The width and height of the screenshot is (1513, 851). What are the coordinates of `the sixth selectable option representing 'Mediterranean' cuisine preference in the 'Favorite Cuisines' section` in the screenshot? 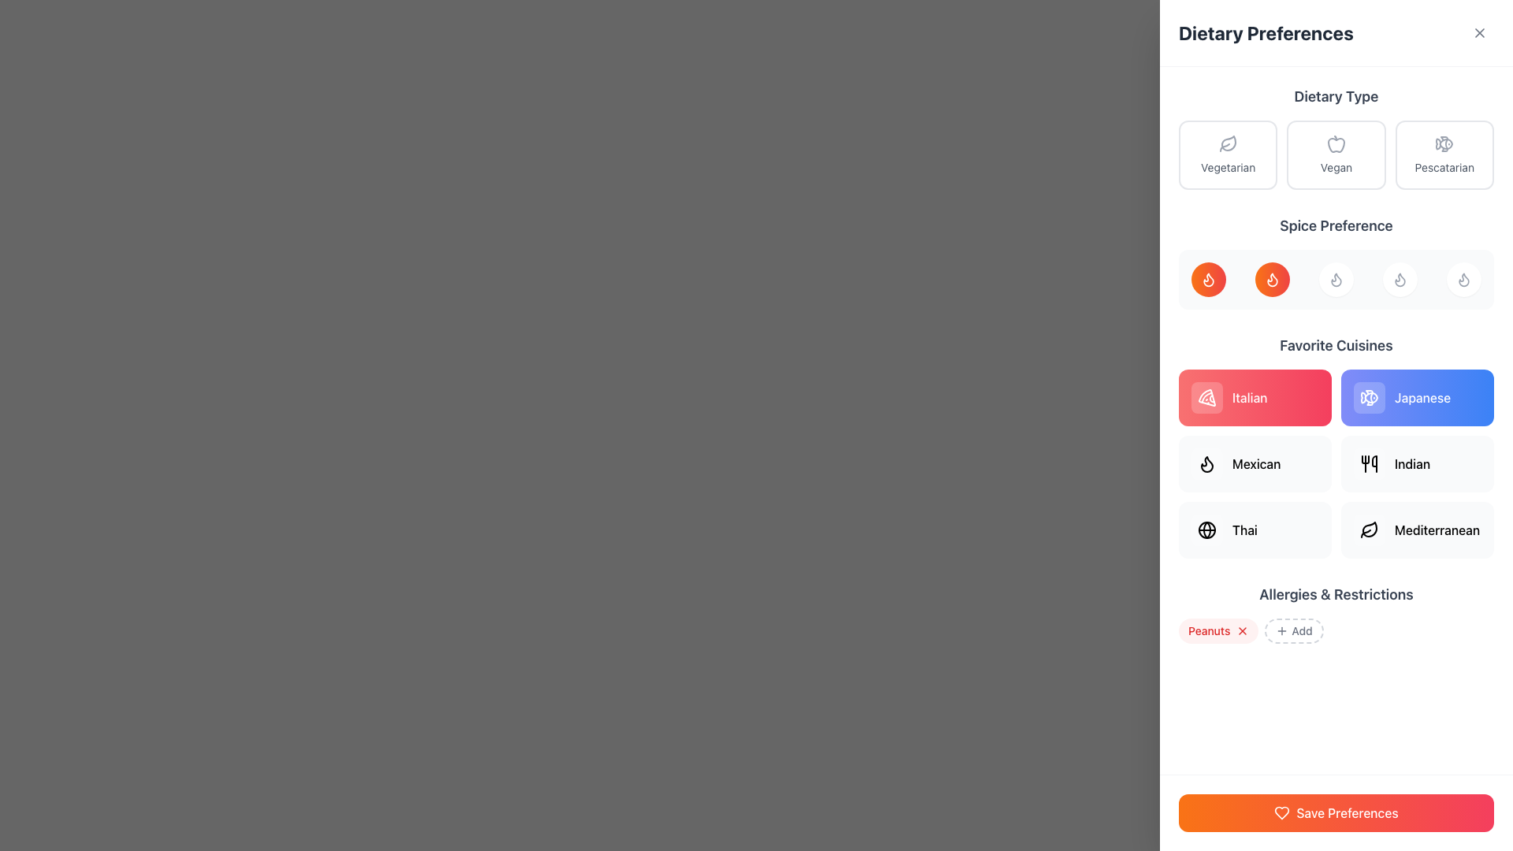 It's located at (1418, 530).